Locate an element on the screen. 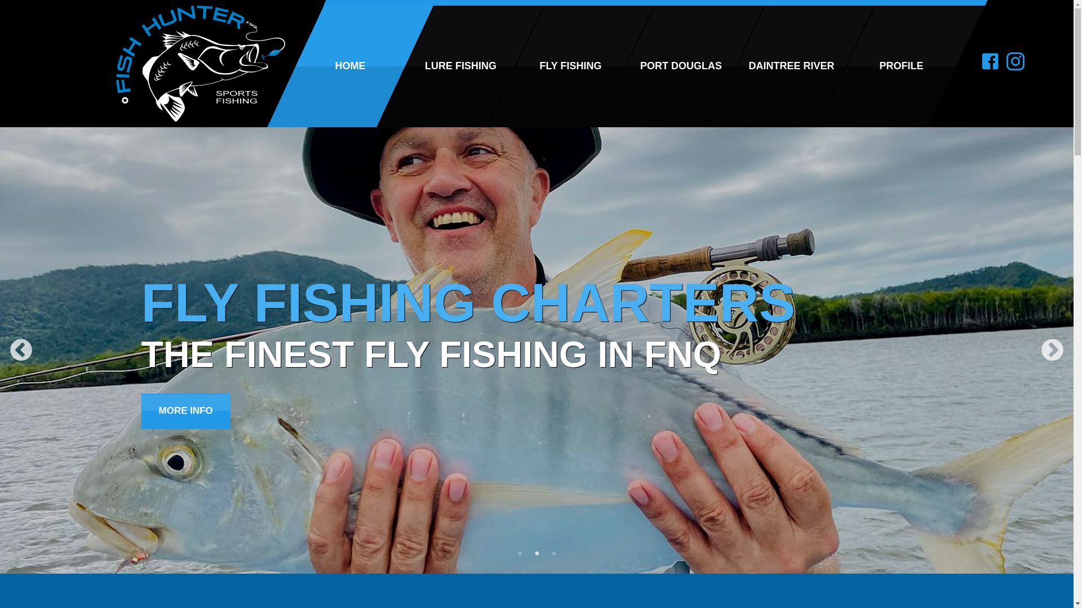 This screenshot has height=608, width=1082. 'FLY FISHING' is located at coordinates (542, 66).